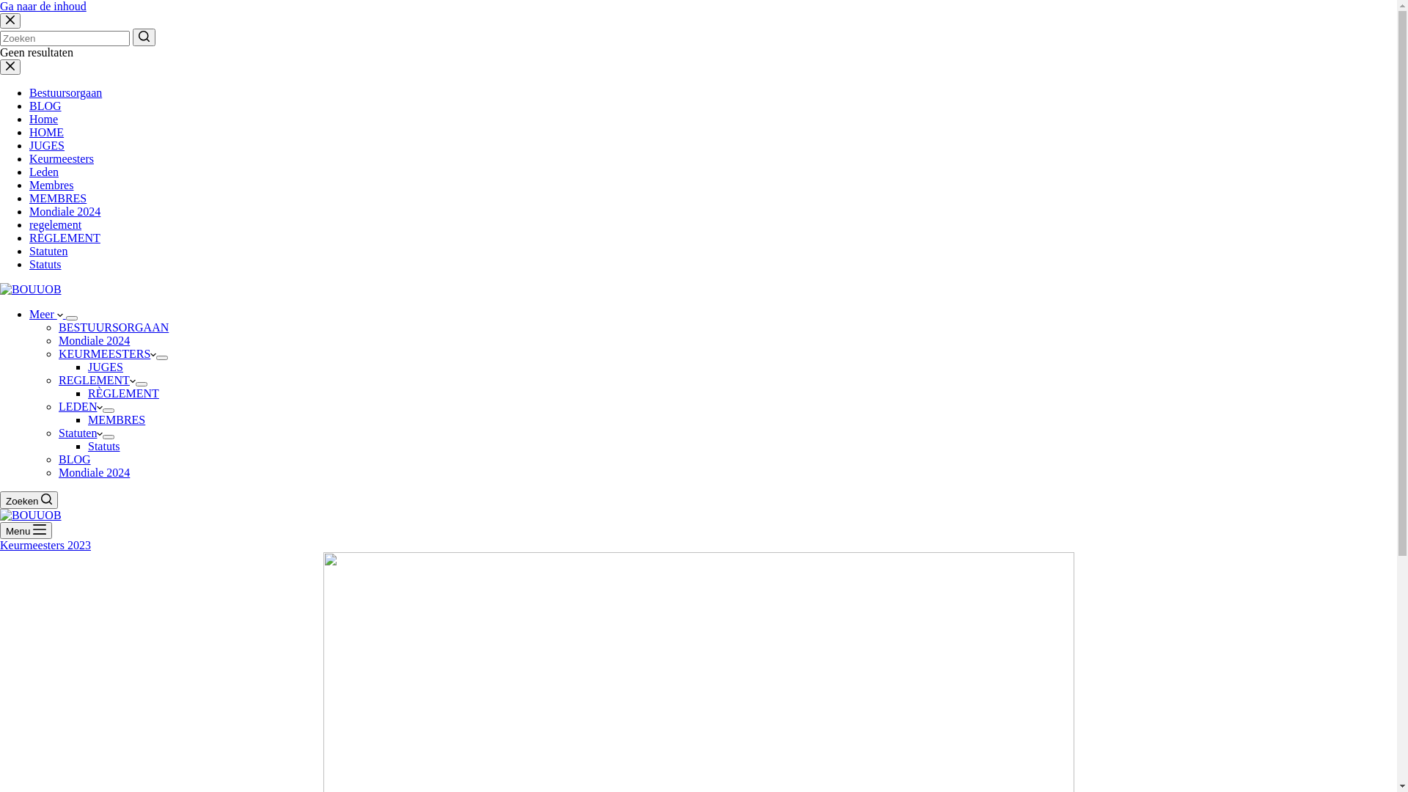 Image resolution: width=1408 pixels, height=792 pixels. What do you see at coordinates (43, 118) in the screenshot?
I see `'Home'` at bounding box center [43, 118].